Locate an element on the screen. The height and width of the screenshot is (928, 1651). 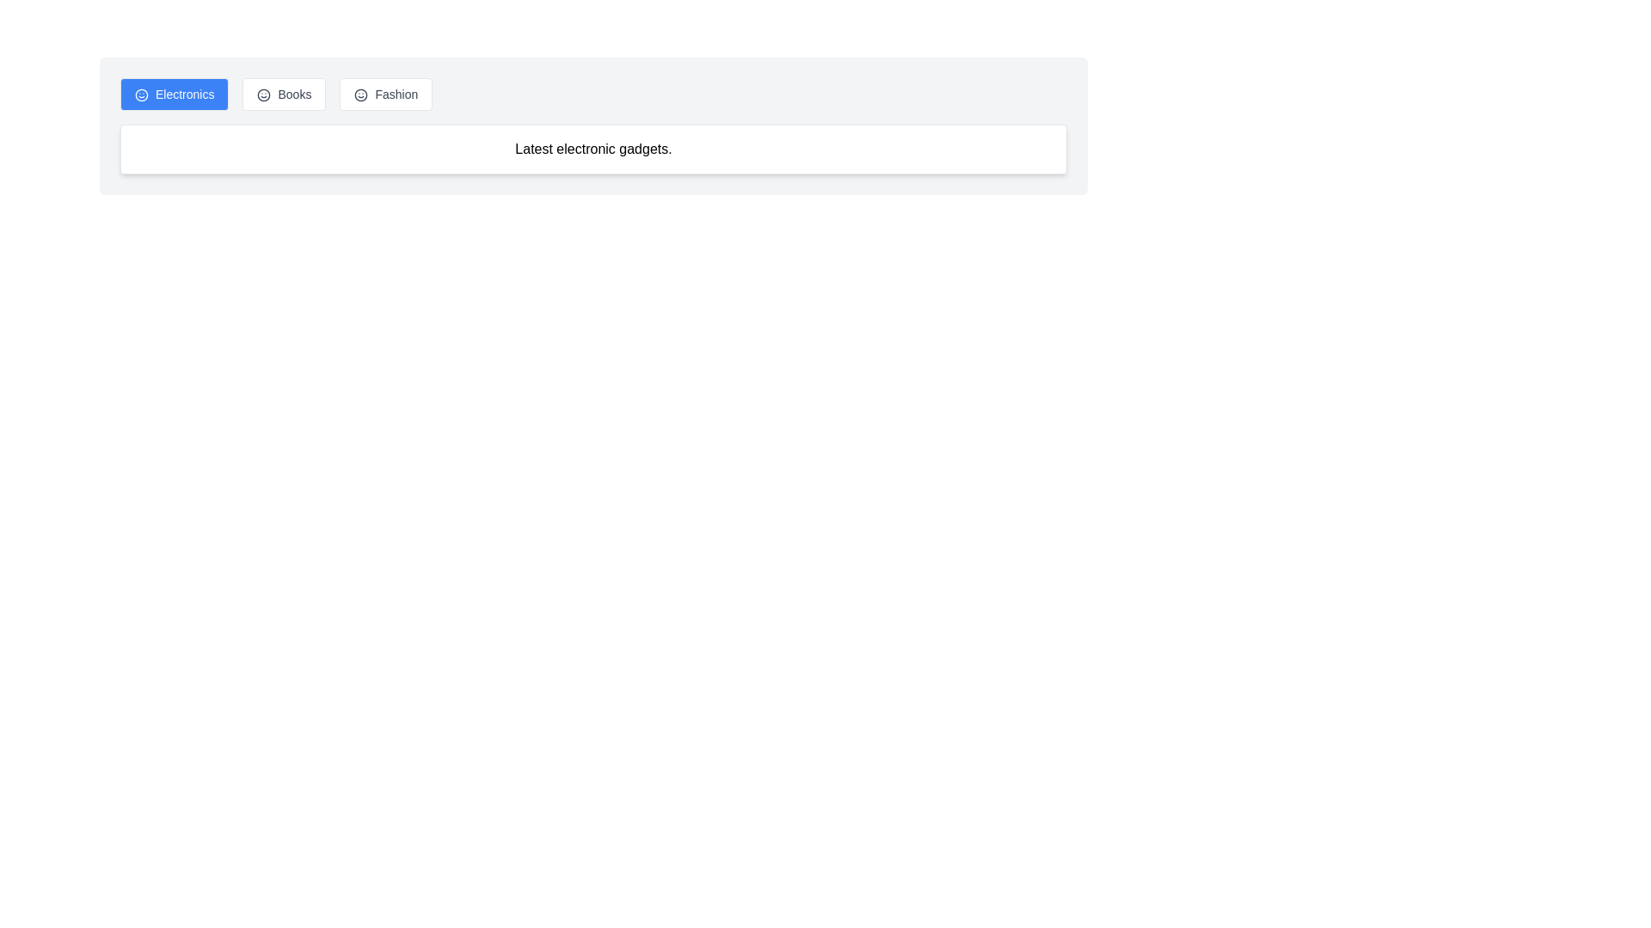
the SVG icon located within the blue button labeled 'Electronics', positioned to the left of the text 'Electronics' is located at coordinates (141, 95).